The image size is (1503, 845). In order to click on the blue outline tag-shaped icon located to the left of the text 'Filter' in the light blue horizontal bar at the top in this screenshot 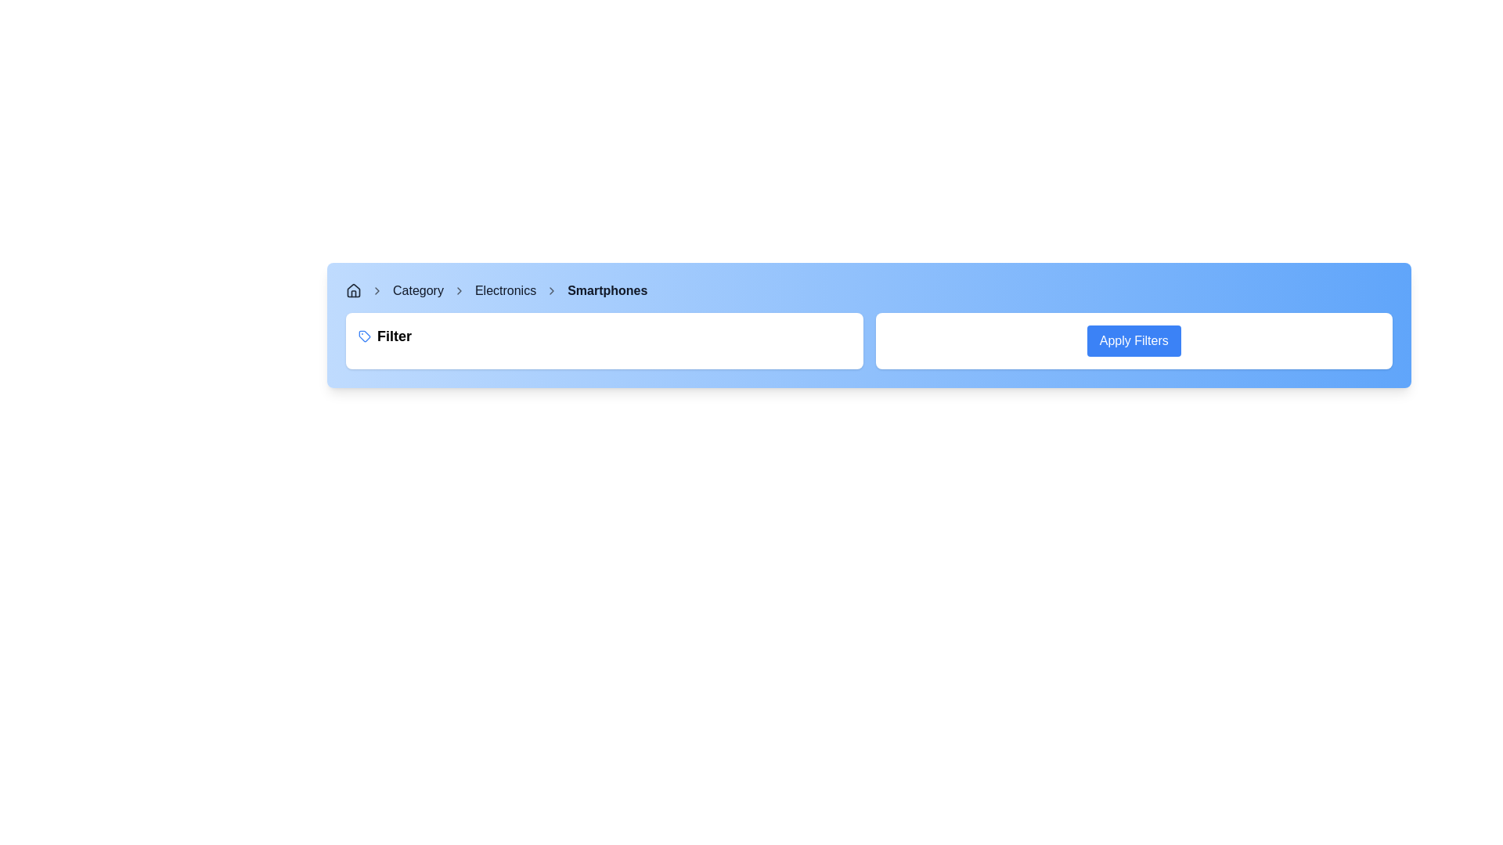, I will do `click(363, 335)`.